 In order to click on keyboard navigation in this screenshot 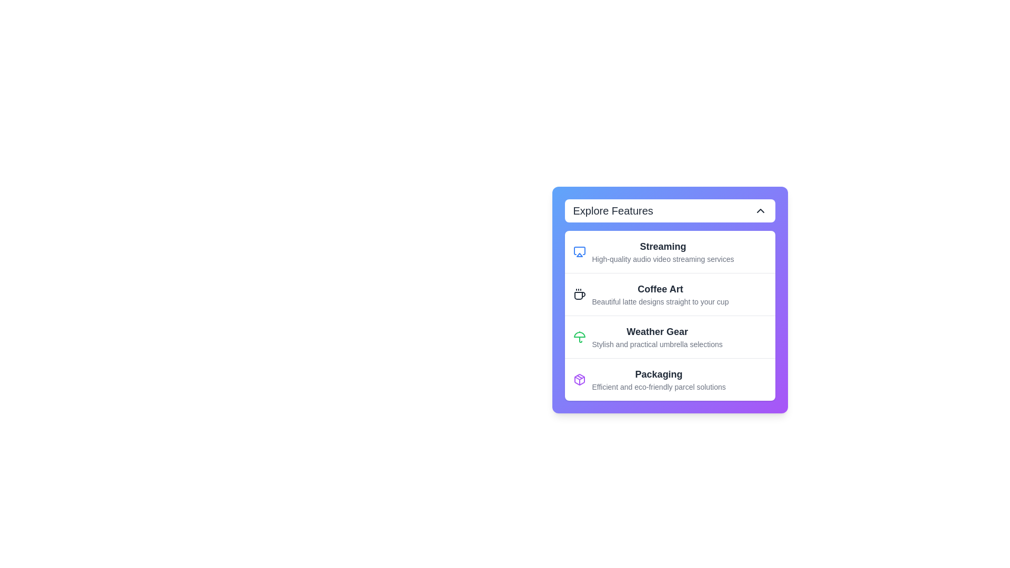, I will do `click(669, 294)`.